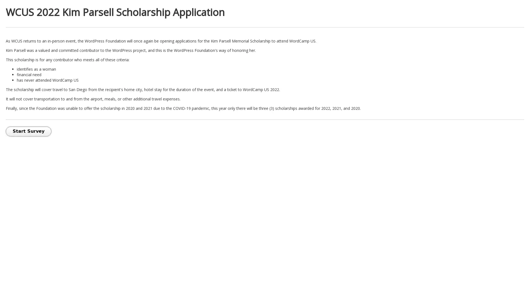  Describe the element at coordinates (28, 131) in the screenshot. I see `Start Survey` at that location.